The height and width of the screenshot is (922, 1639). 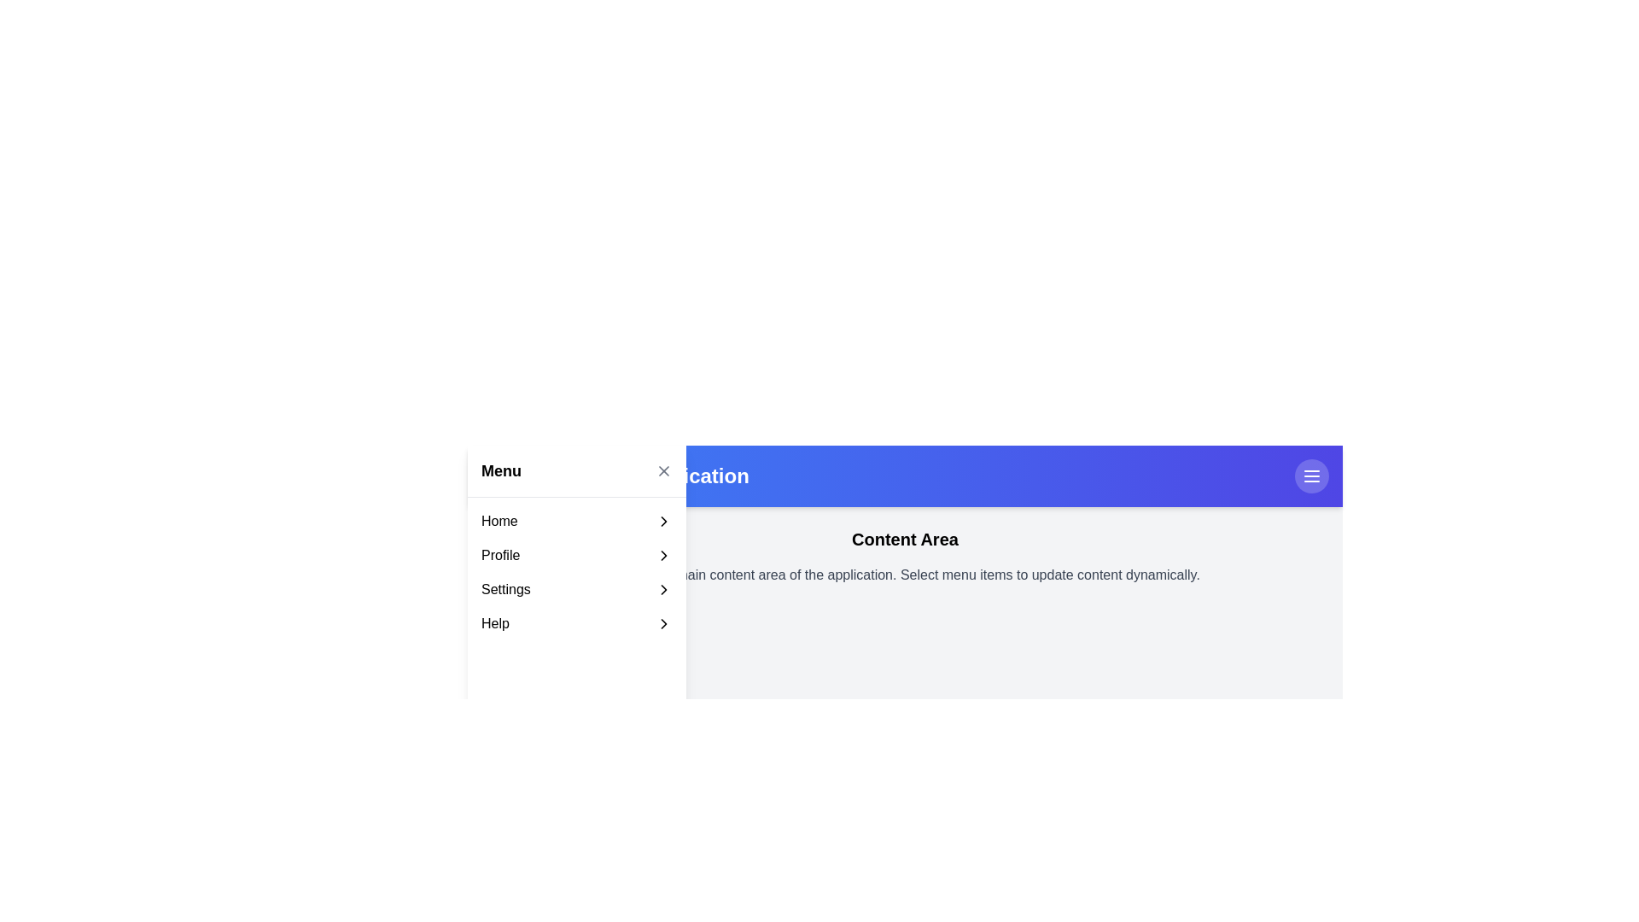 What do you see at coordinates (662, 470) in the screenshot?
I see `the thin diagonal line in the top-right corner of the vertical menu section, which is part of the 'X' symbol within a square button` at bounding box center [662, 470].